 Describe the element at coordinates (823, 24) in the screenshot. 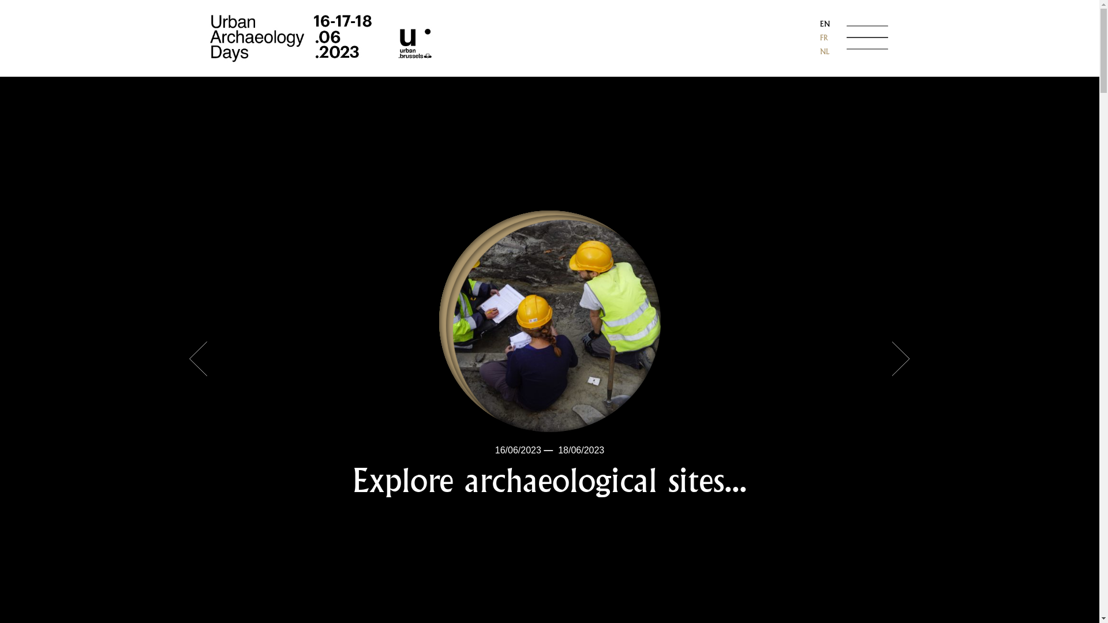

I see `'EN'` at that location.